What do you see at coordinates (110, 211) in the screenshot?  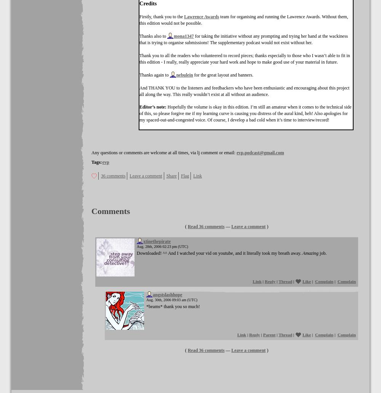 I see `'Comments'` at bounding box center [110, 211].